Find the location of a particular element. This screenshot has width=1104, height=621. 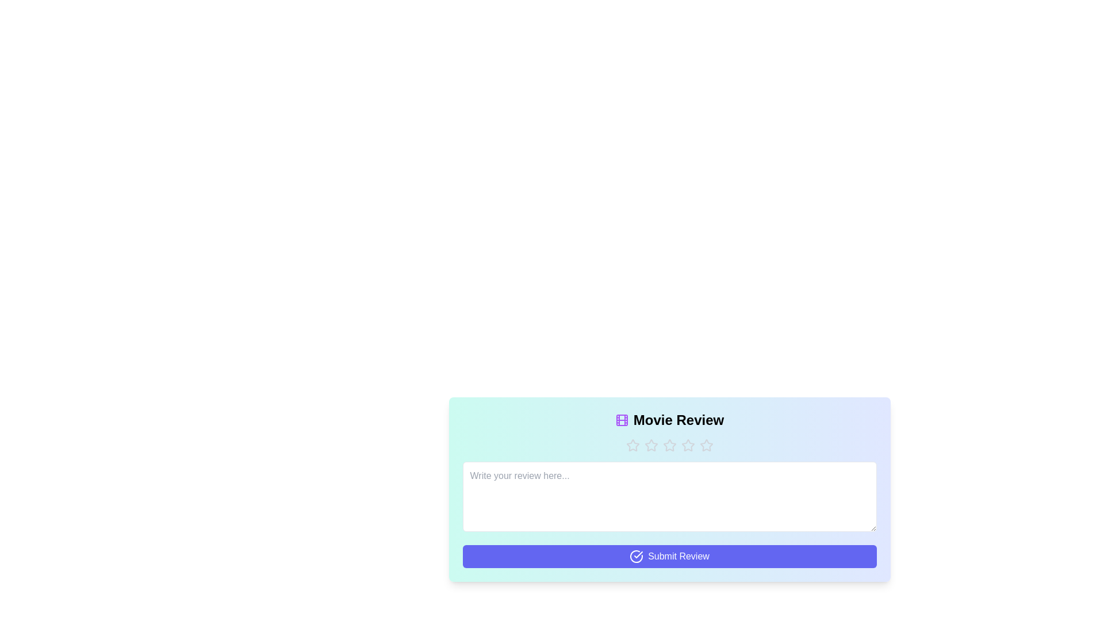

the star corresponding to the desired rating 2 is located at coordinates (651, 445).